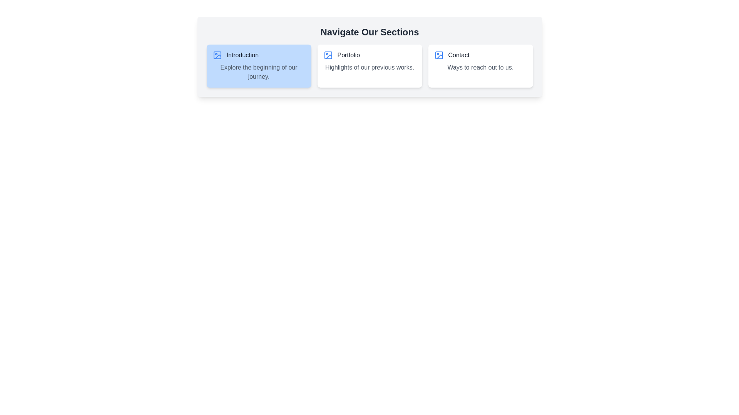  I want to click on the static text label displaying 'Introduction' styled with a medium font in dark gray on a light blue background, so click(242, 55).